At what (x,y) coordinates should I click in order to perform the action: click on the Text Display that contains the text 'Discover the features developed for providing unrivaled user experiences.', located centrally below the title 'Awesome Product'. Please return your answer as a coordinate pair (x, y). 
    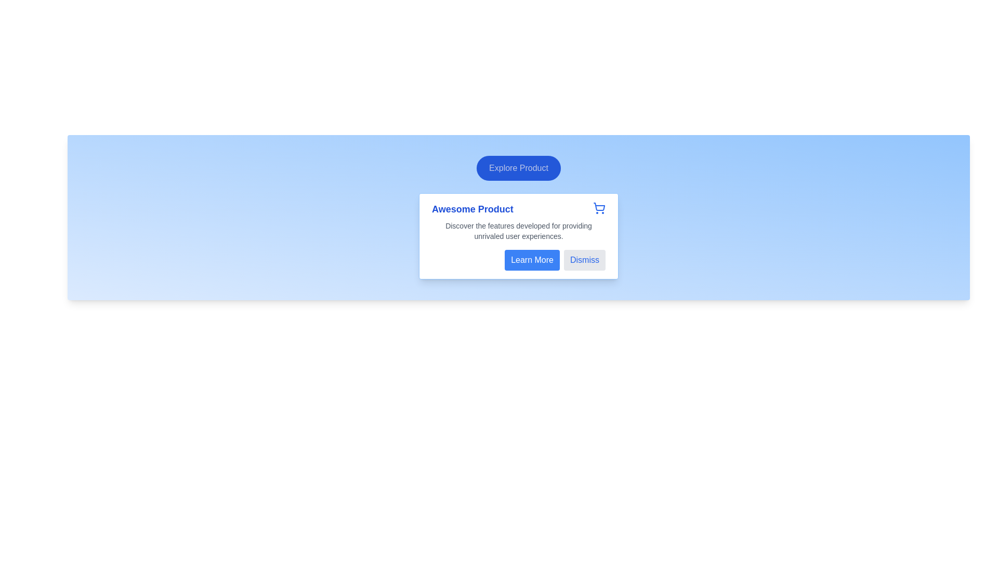
    Looking at the image, I should click on (519, 230).